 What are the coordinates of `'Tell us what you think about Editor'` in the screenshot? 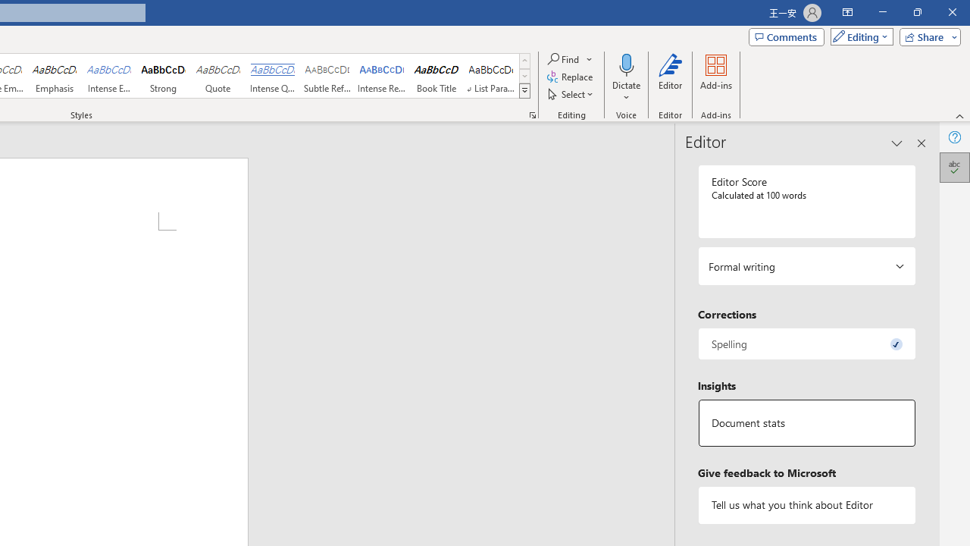 It's located at (806, 505).